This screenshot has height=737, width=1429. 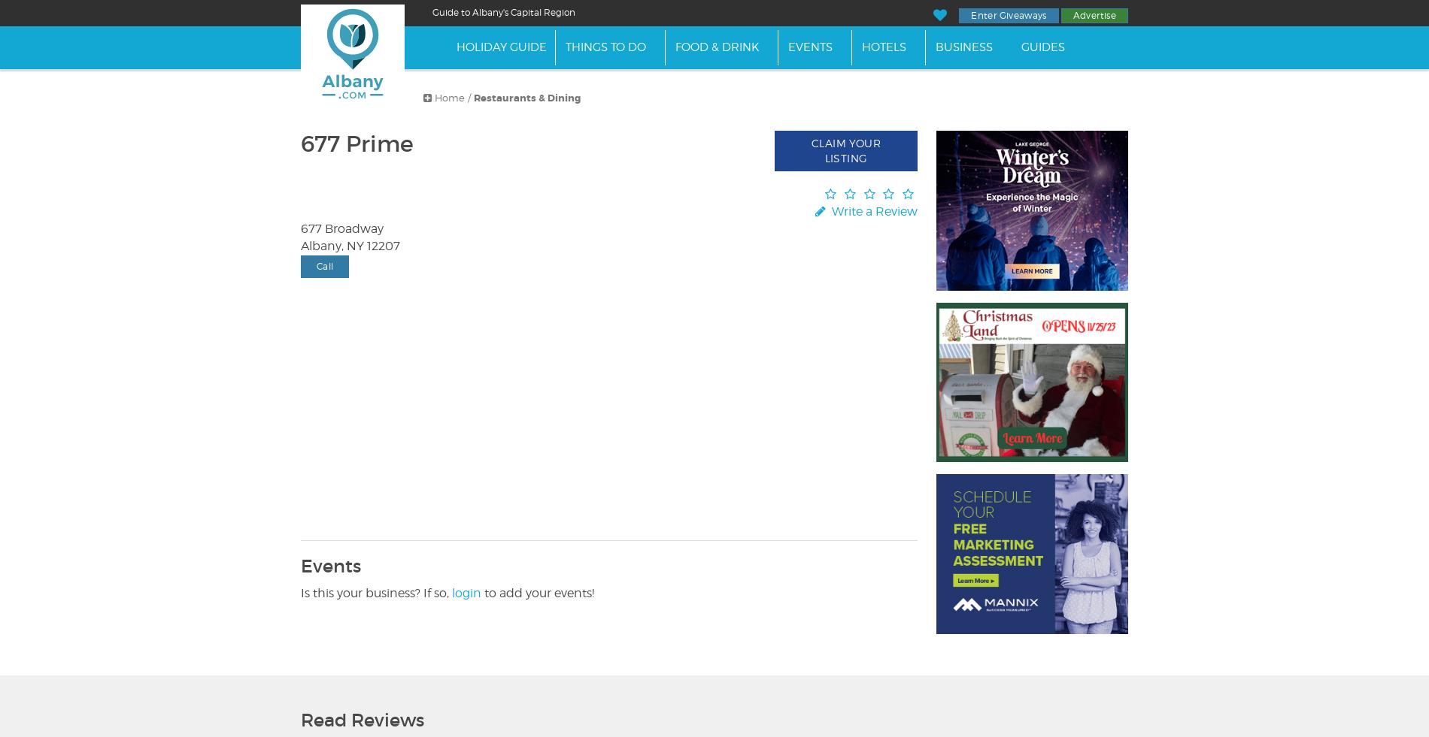 What do you see at coordinates (493, 237) in the screenshot?
I see `'Join us the day after Thanksgiving, November 24th from 2:00 pm - 4:00 pm, and help us craft winter and holiday decorations for the Library!'` at bounding box center [493, 237].